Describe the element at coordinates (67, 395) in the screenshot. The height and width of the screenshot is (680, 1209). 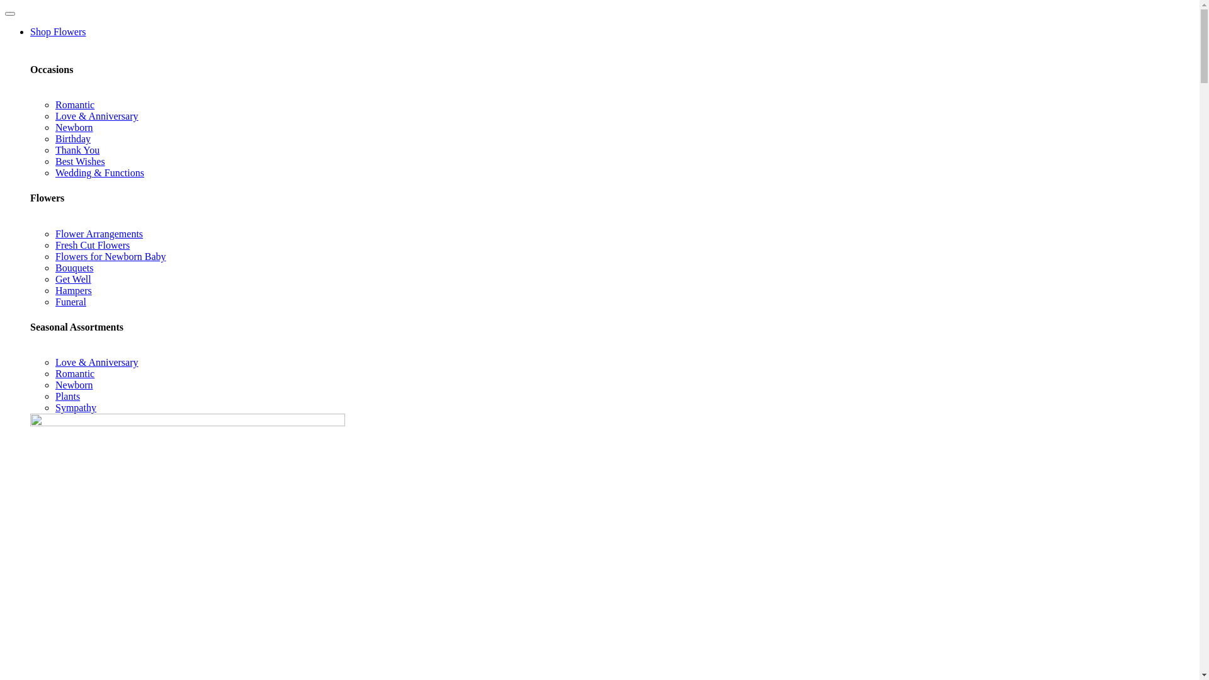
I see `'Plants'` at that location.